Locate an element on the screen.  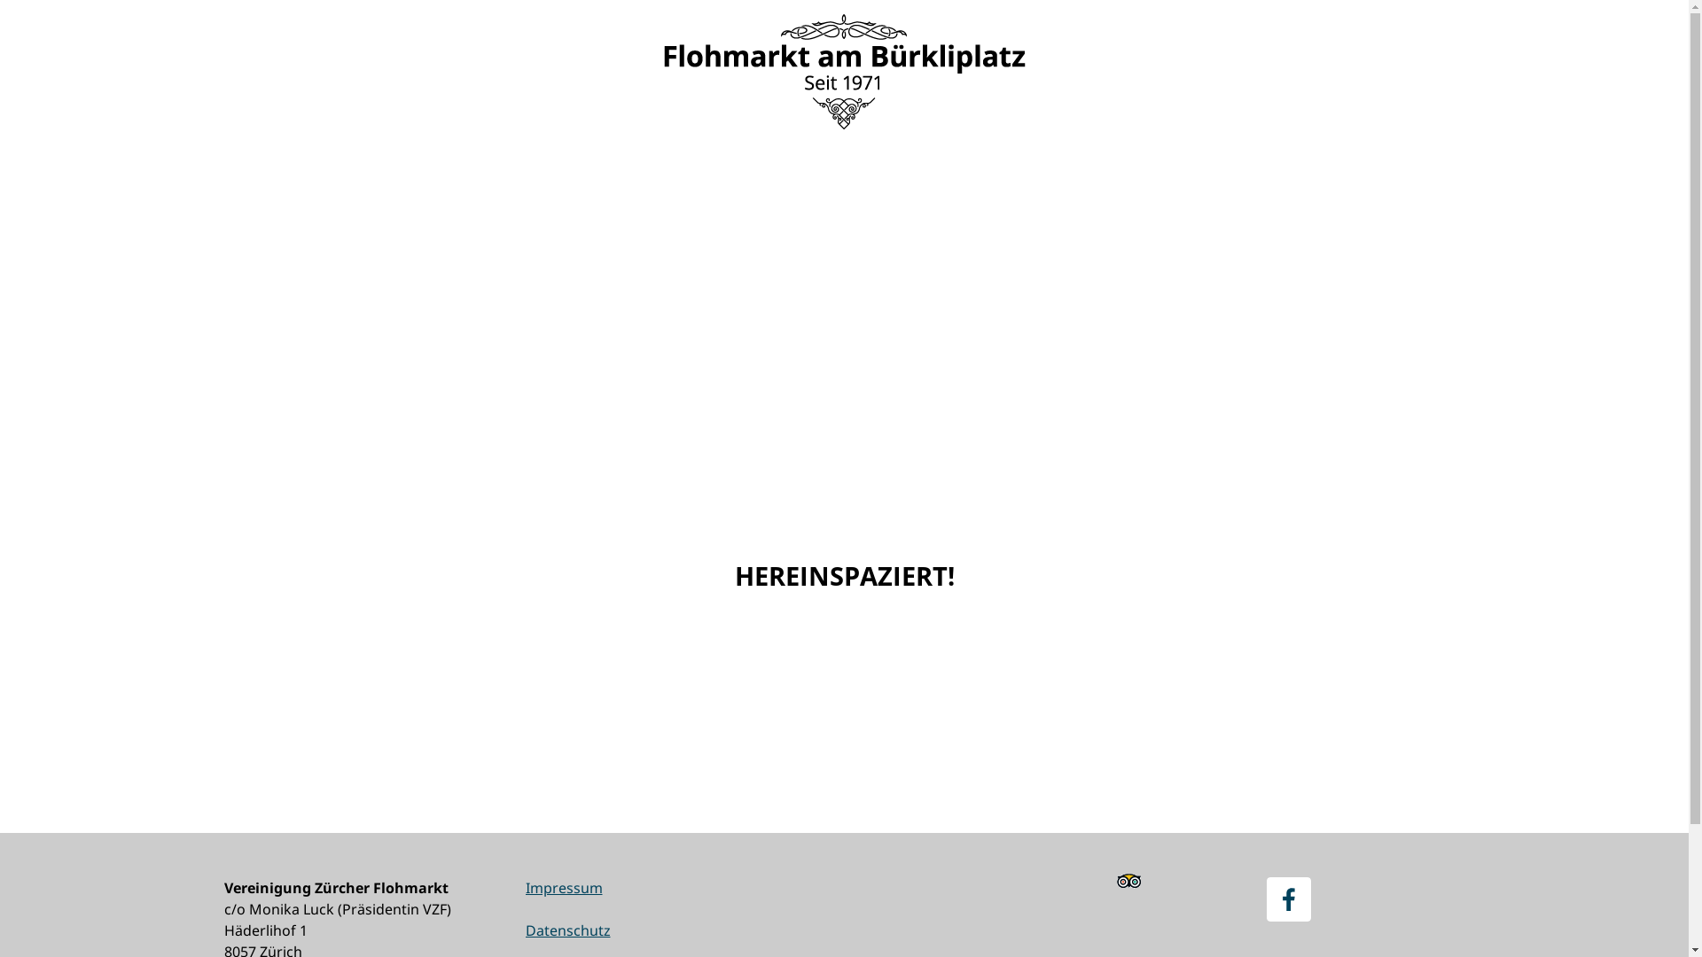
'Datenschutz' is located at coordinates (566, 929).